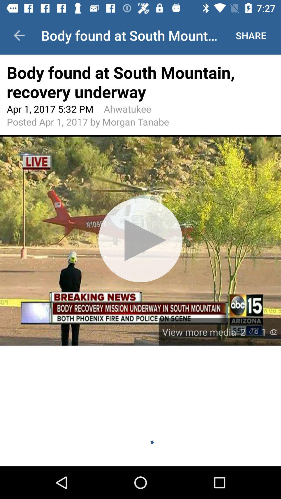 The height and width of the screenshot is (499, 281). Describe the element at coordinates (251, 35) in the screenshot. I see `the share at the top right corner` at that location.